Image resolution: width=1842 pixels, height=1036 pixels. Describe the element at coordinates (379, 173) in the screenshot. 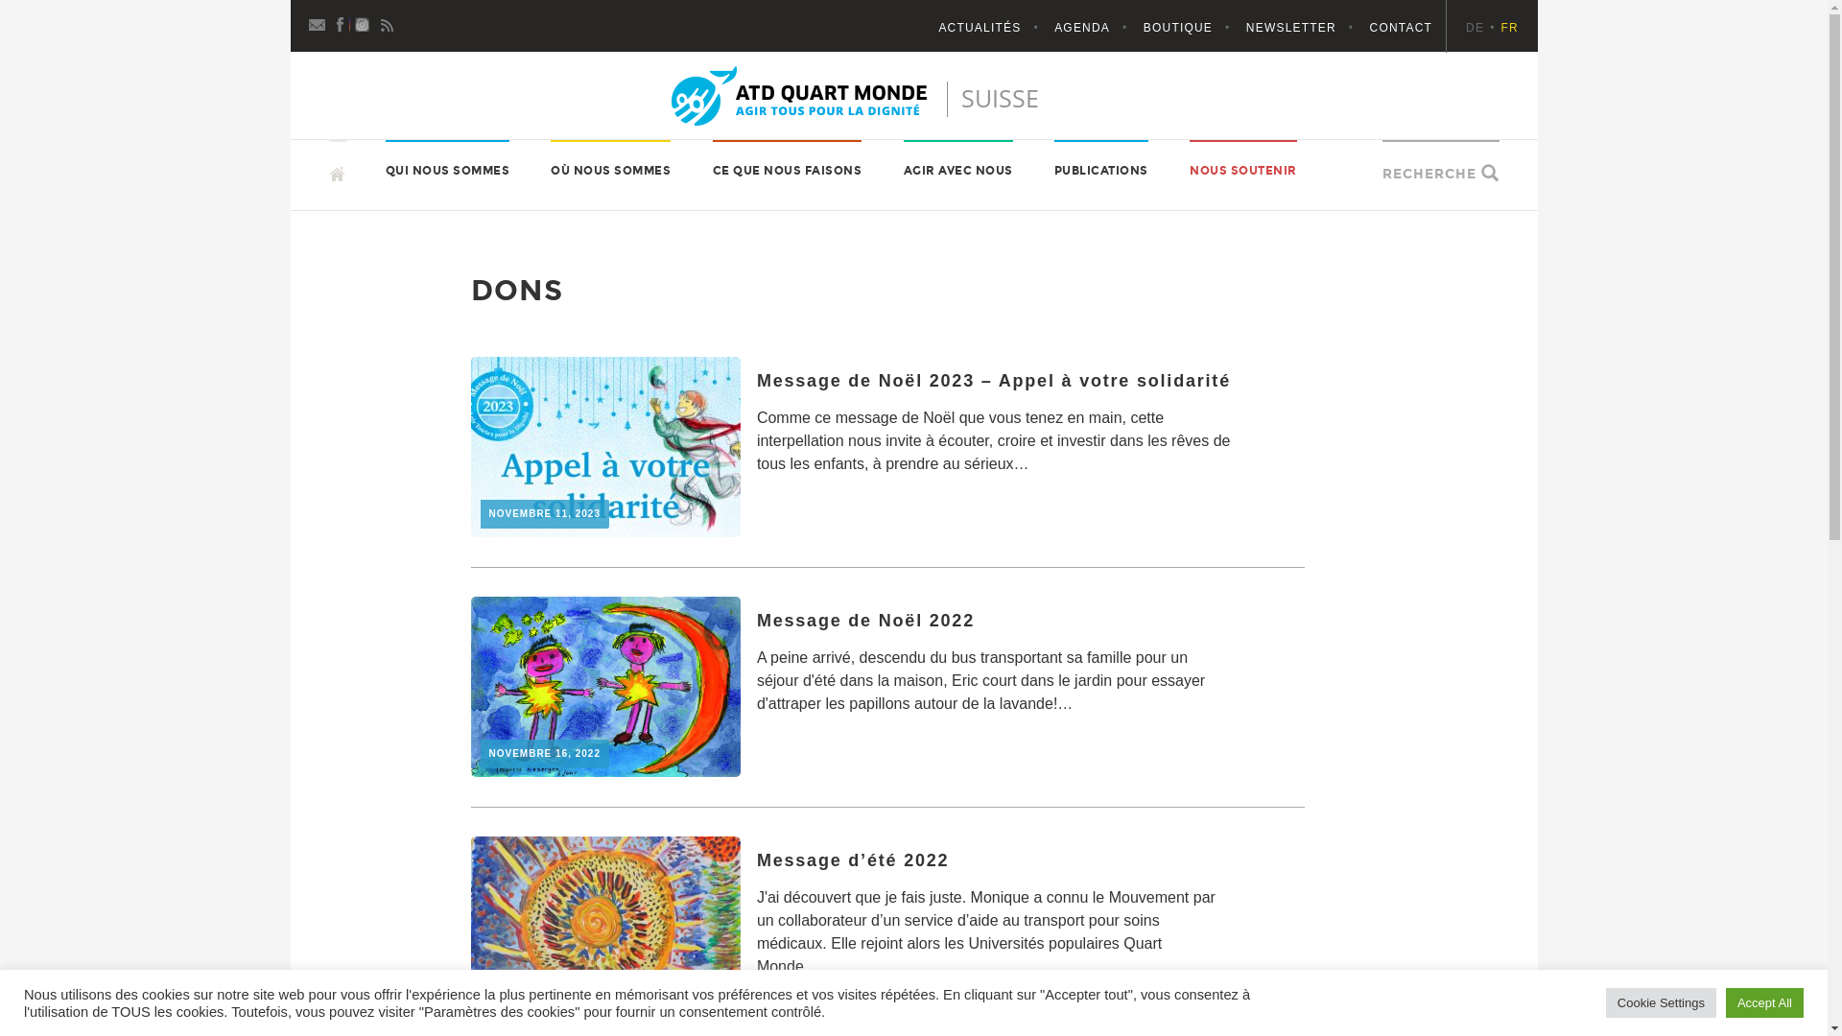

I see `'ATD HOME'` at that location.